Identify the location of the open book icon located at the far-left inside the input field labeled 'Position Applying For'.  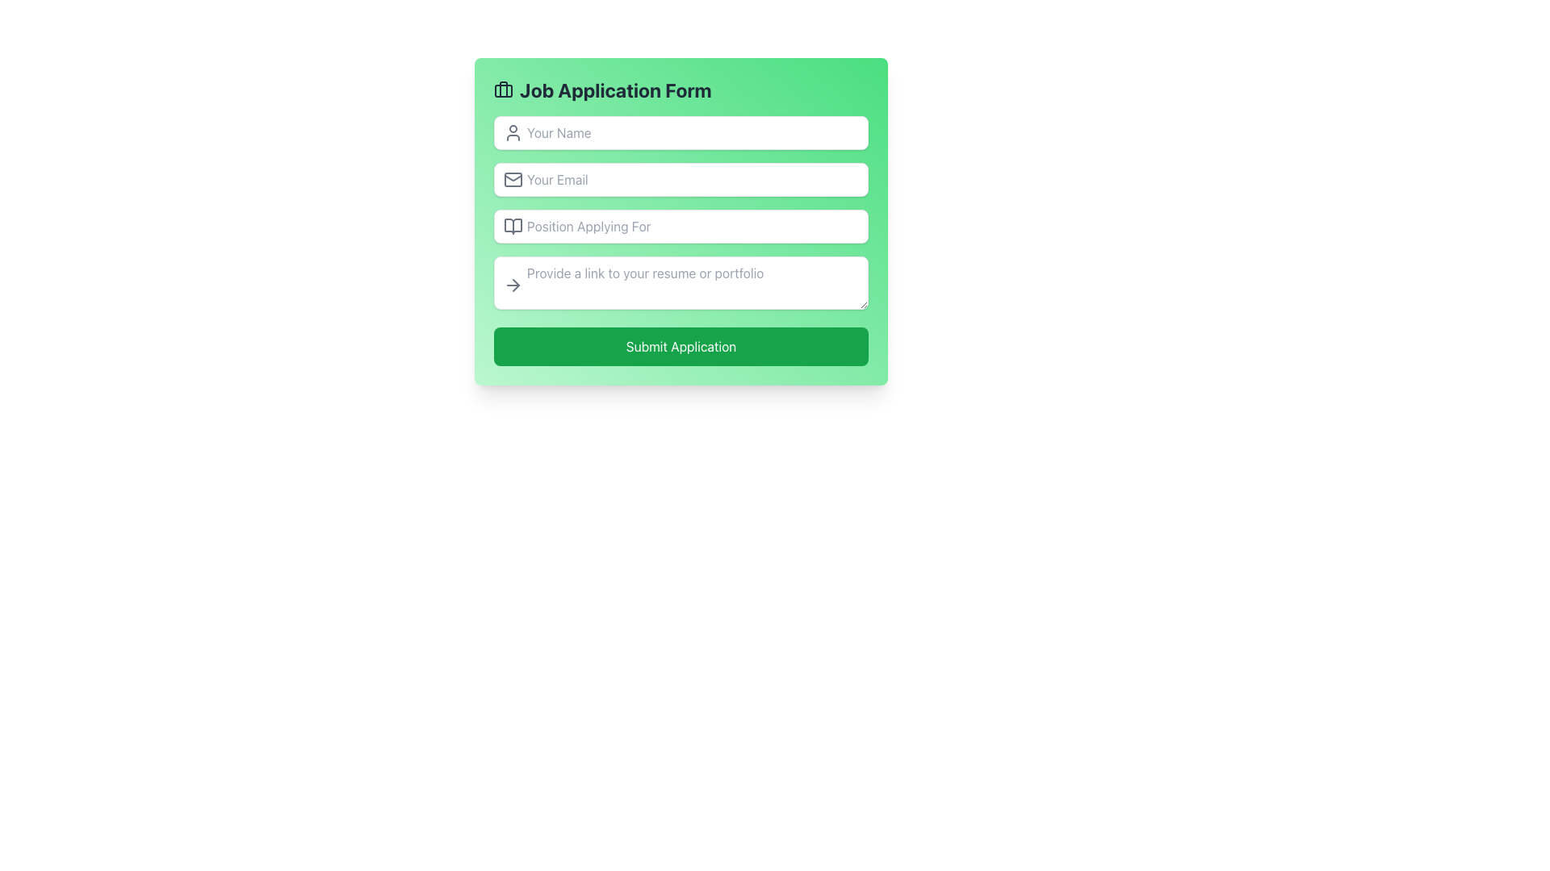
(512, 227).